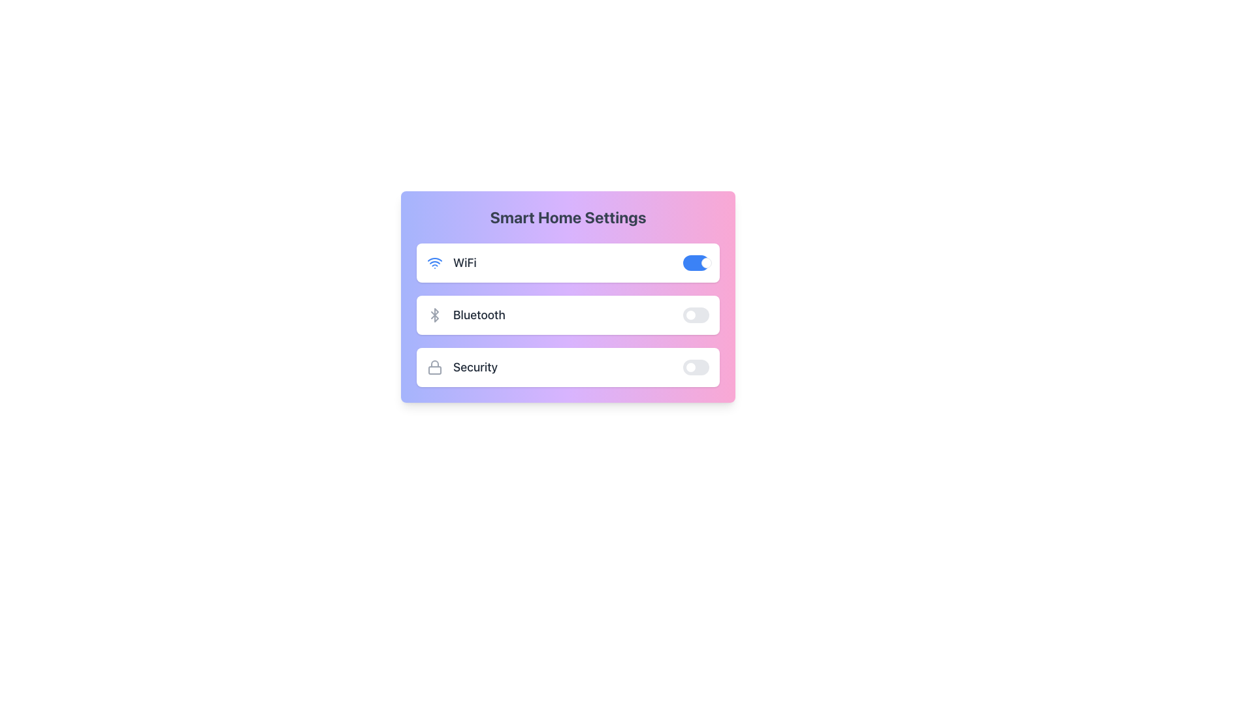  Describe the element at coordinates (435, 259) in the screenshot. I see `the second arc of the Wi-Fi icon, which represents signal strength in the settings card` at that location.